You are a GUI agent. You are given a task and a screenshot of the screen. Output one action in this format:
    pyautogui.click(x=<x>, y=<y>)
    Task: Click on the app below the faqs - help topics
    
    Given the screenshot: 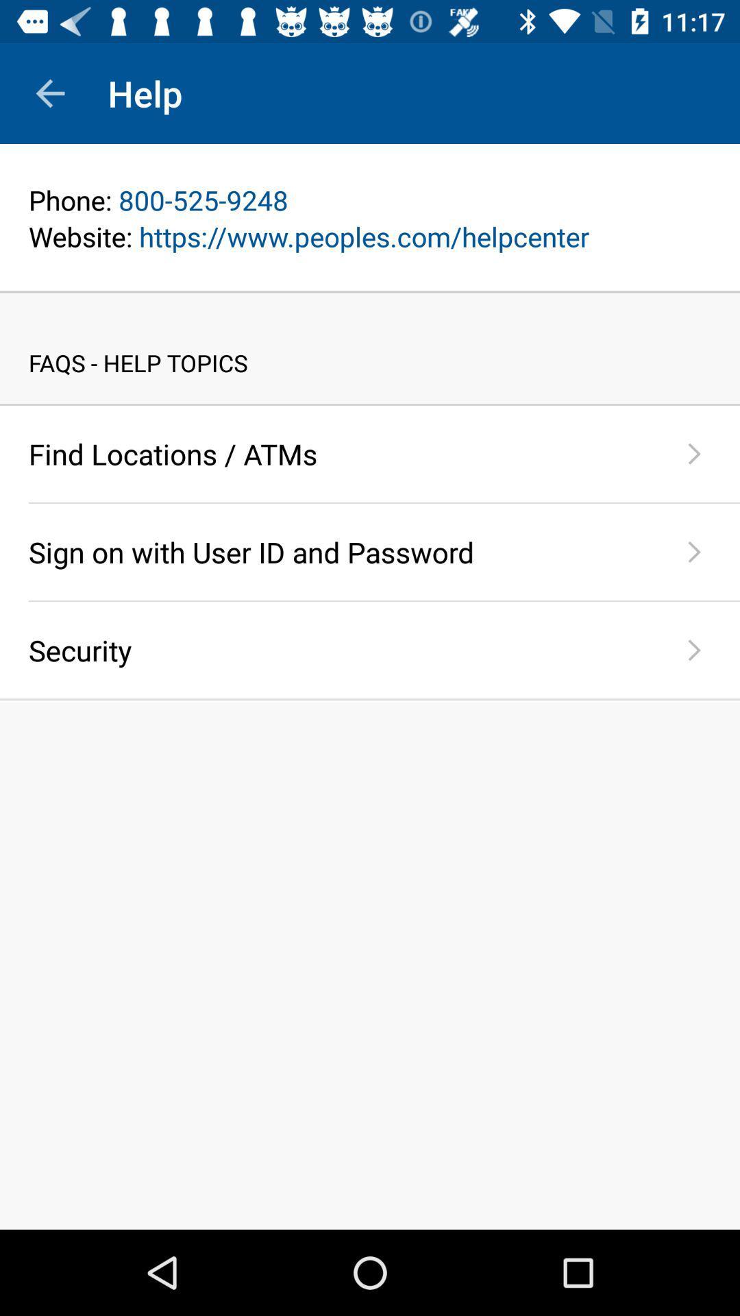 What is the action you would take?
    pyautogui.click(x=370, y=404)
    